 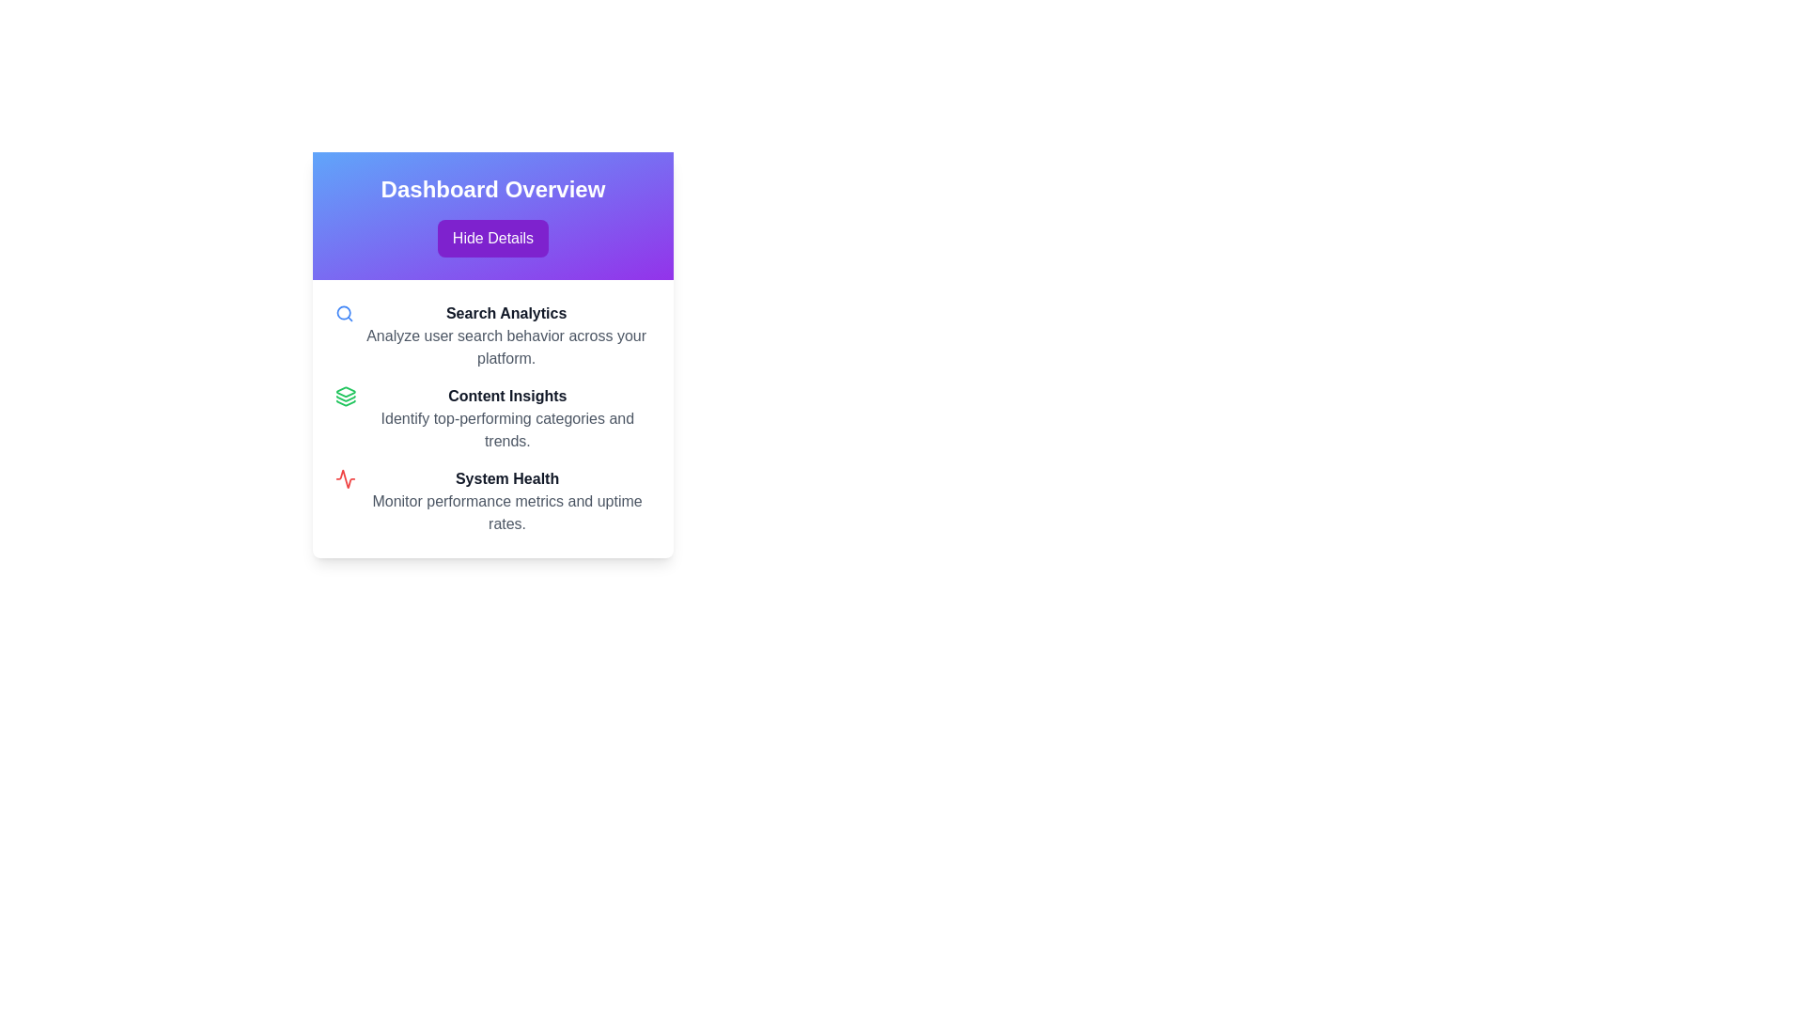 I want to click on the 'Search Analytics' text label, so click(x=506, y=313).